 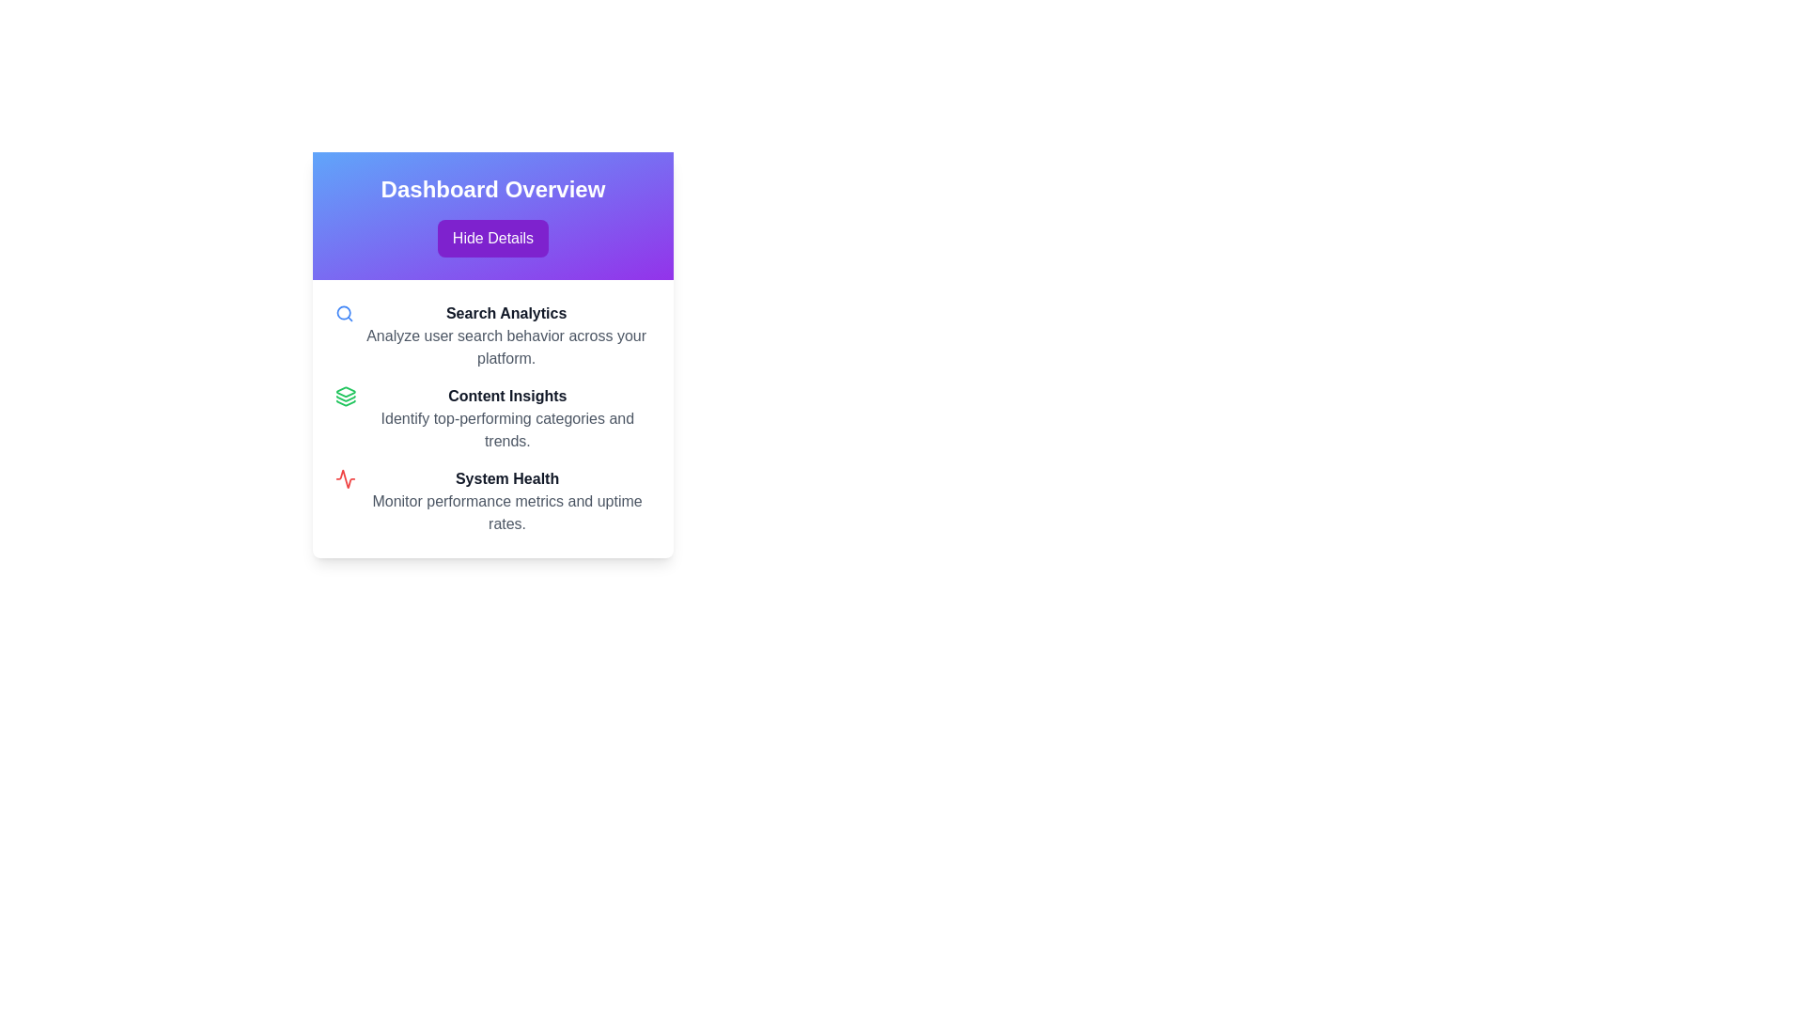 I want to click on the 'Search Analytics' text label, so click(x=506, y=313).